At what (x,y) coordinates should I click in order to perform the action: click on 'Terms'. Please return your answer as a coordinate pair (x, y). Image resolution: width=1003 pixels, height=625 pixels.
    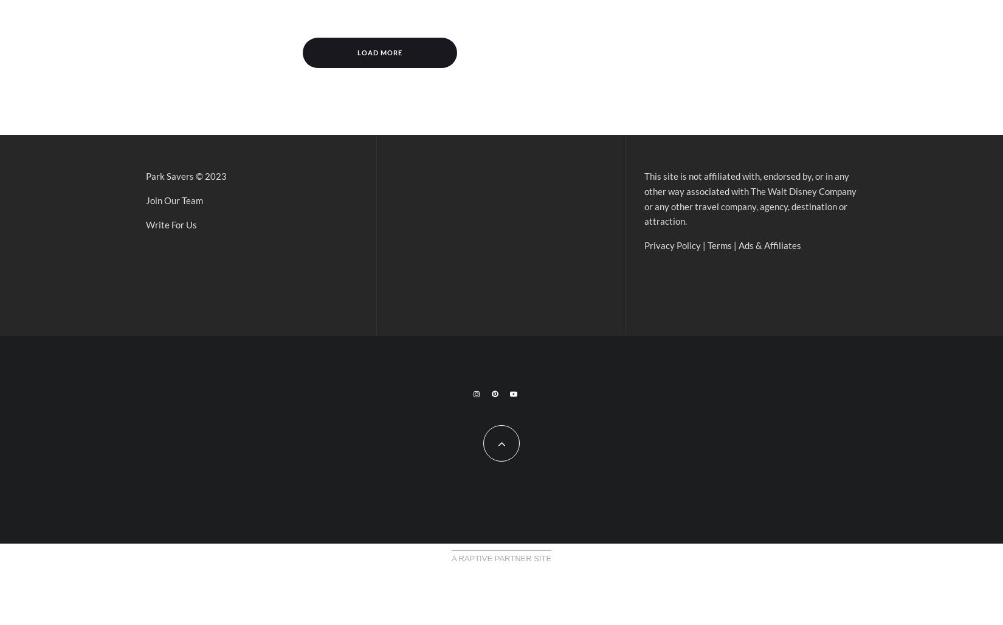
    Looking at the image, I should click on (708, 244).